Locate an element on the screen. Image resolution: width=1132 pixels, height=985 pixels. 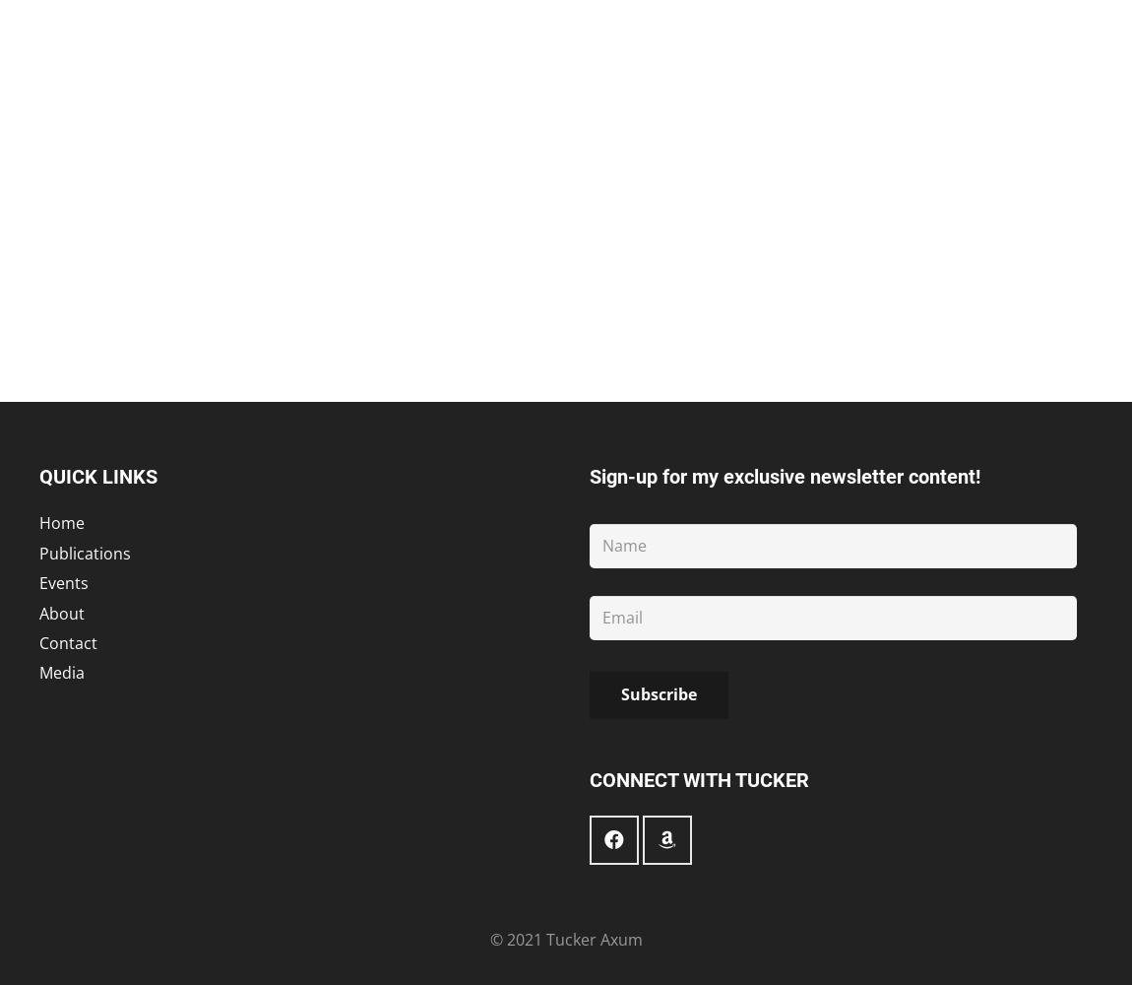
'Amazon' is located at coordinates (666, 772).